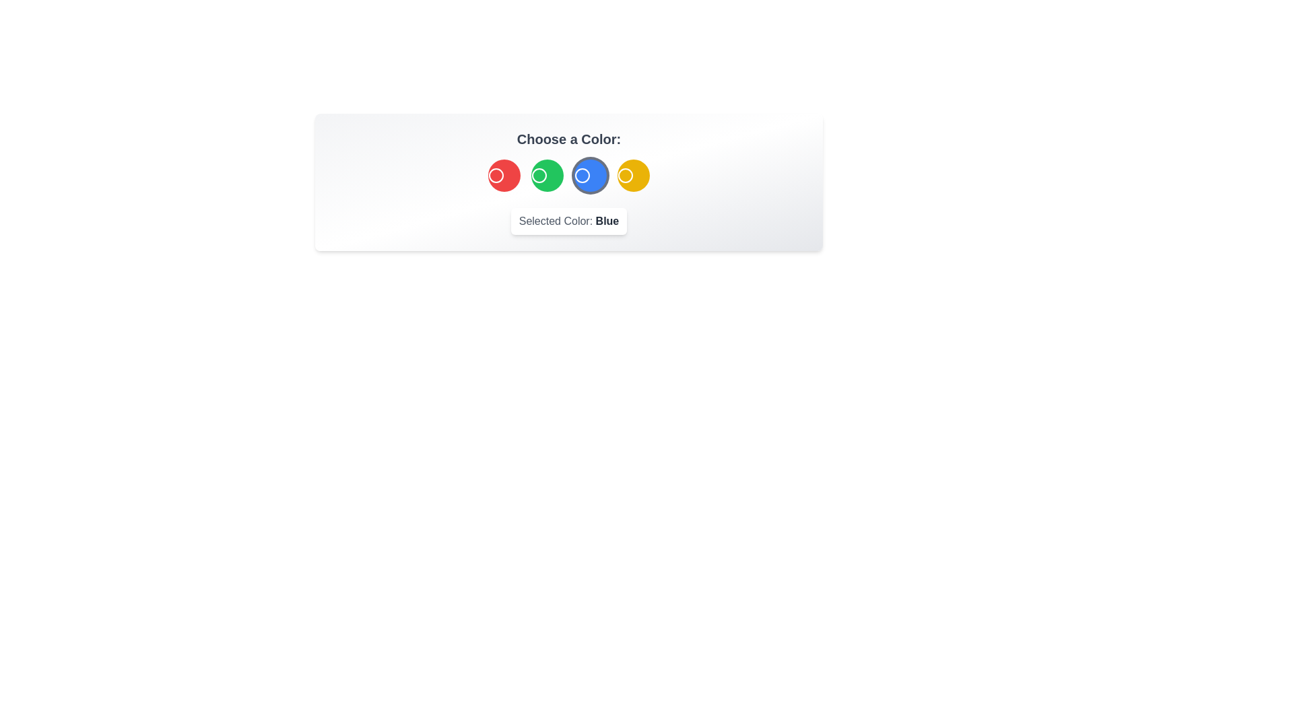 The height and width of the screenshot is (727, 1293). What do you see at coordinates (547, 175) in the screenshot?
I see `the Green color by clicking the corresponding button` at bounding box center [547, 175].